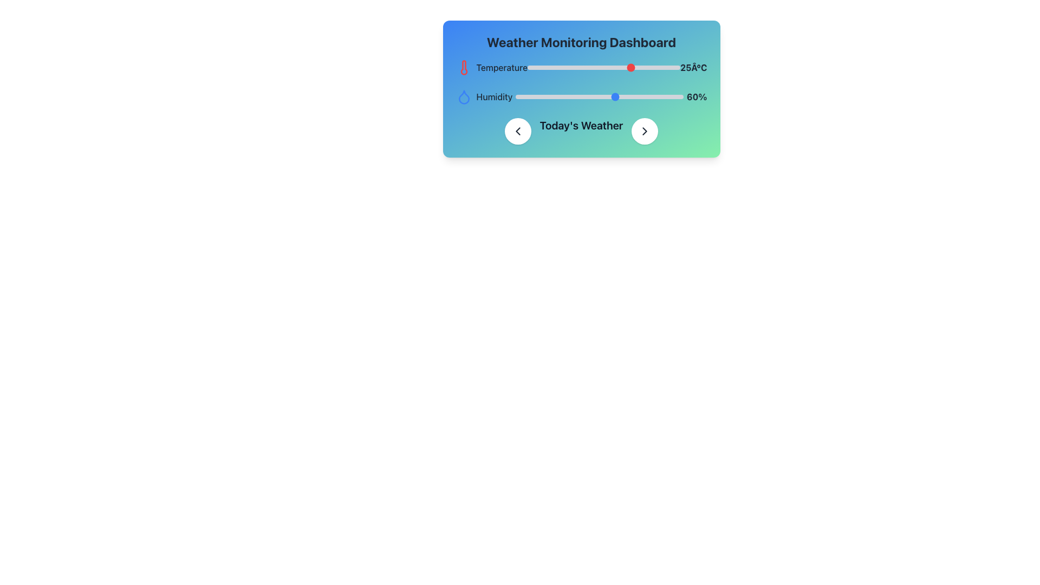  I want to click on the humidity slider, so click(638, 96).